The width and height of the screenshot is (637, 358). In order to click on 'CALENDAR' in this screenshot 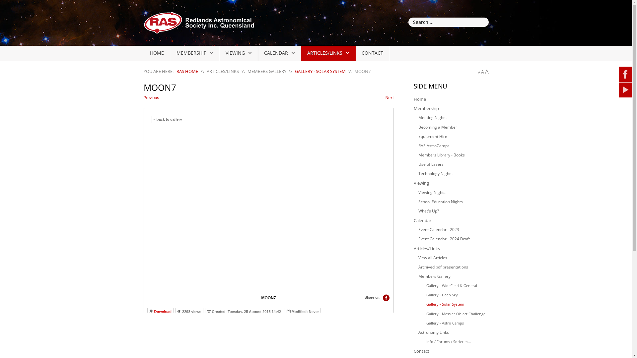, I will do `click(276, 52)`.